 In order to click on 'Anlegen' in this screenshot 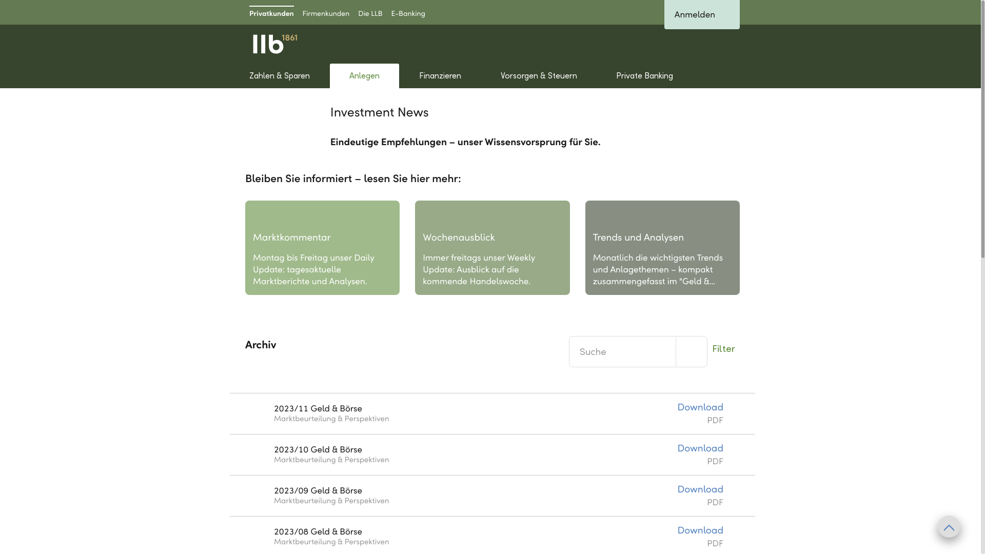, I will do `click(364, 75)`.